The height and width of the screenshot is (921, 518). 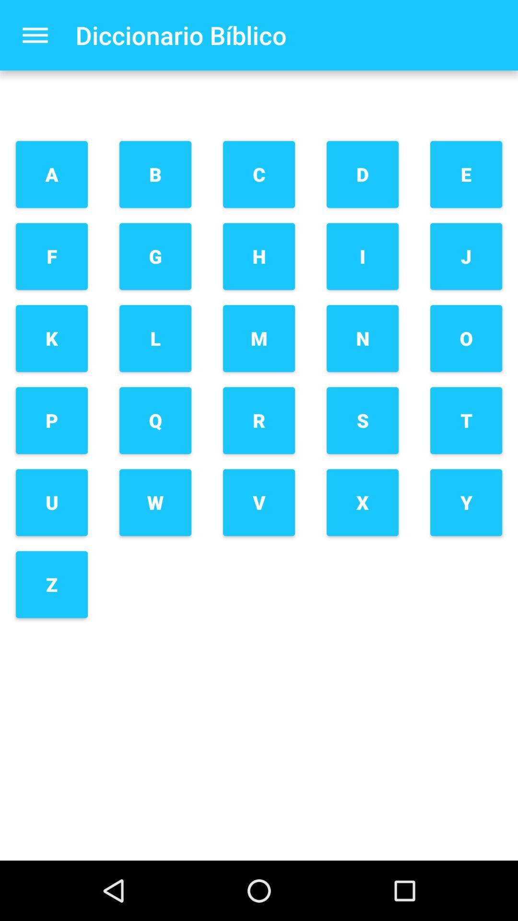 What do you see at coordinates (52, 174) in the screenshot?
I see `the a` at bounding box center [52, 174].